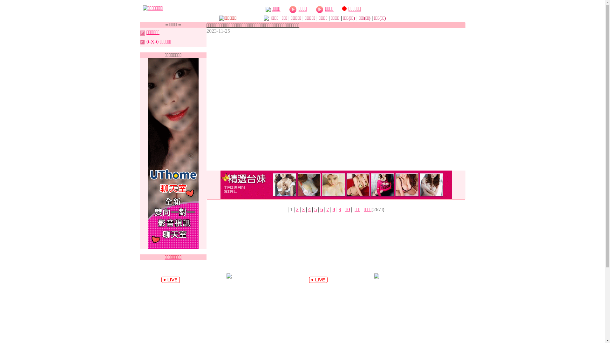 This screenshot has height=343, width=610. What do you see at coordinates (334, 209) in the screenshot?
I see `'8'` at bounding box center [334, 209].